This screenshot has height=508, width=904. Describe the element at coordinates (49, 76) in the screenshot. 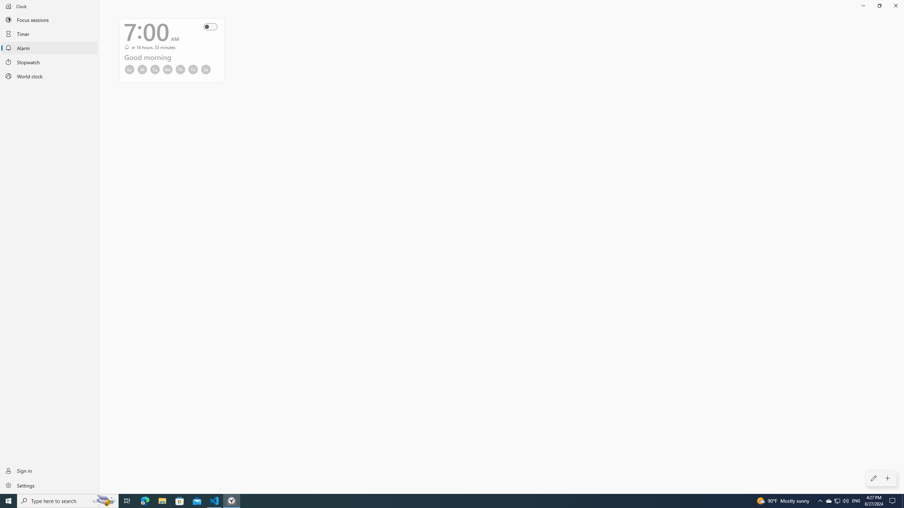

I see `'World clock'` at that location.